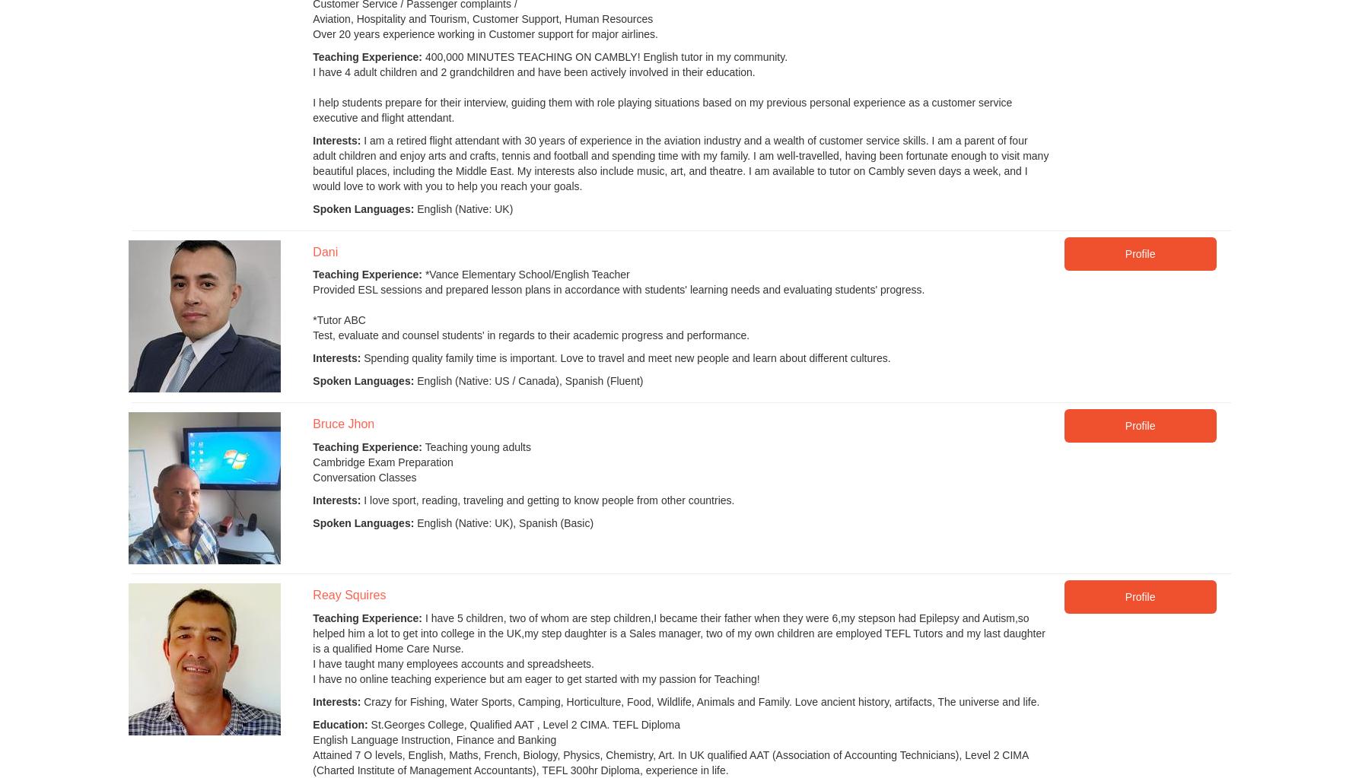 The image size is (1362, 778). What do you see at coordinates (364, 475) in the screenshot?
I see `'Conversation Classes'` at bounding box center [364, 475].